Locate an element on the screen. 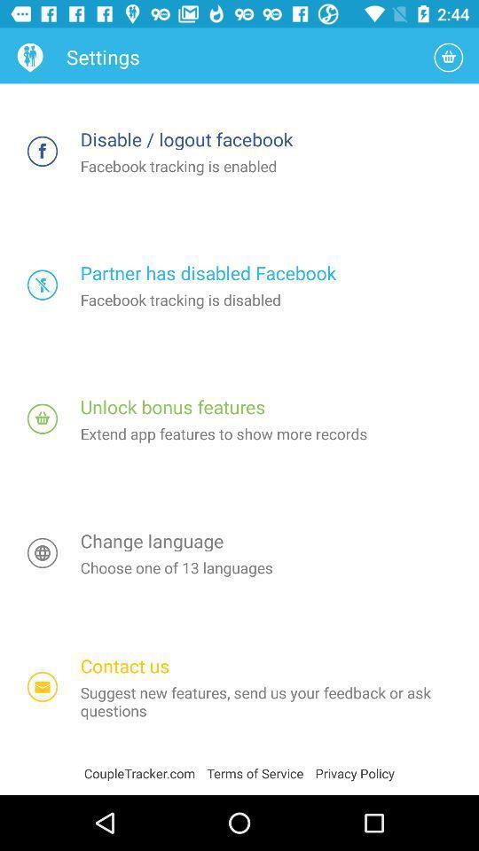 The width and height of the screenshot is (479, 851). the app to the left of privacy policy icon is located at coordinates (260, 772).